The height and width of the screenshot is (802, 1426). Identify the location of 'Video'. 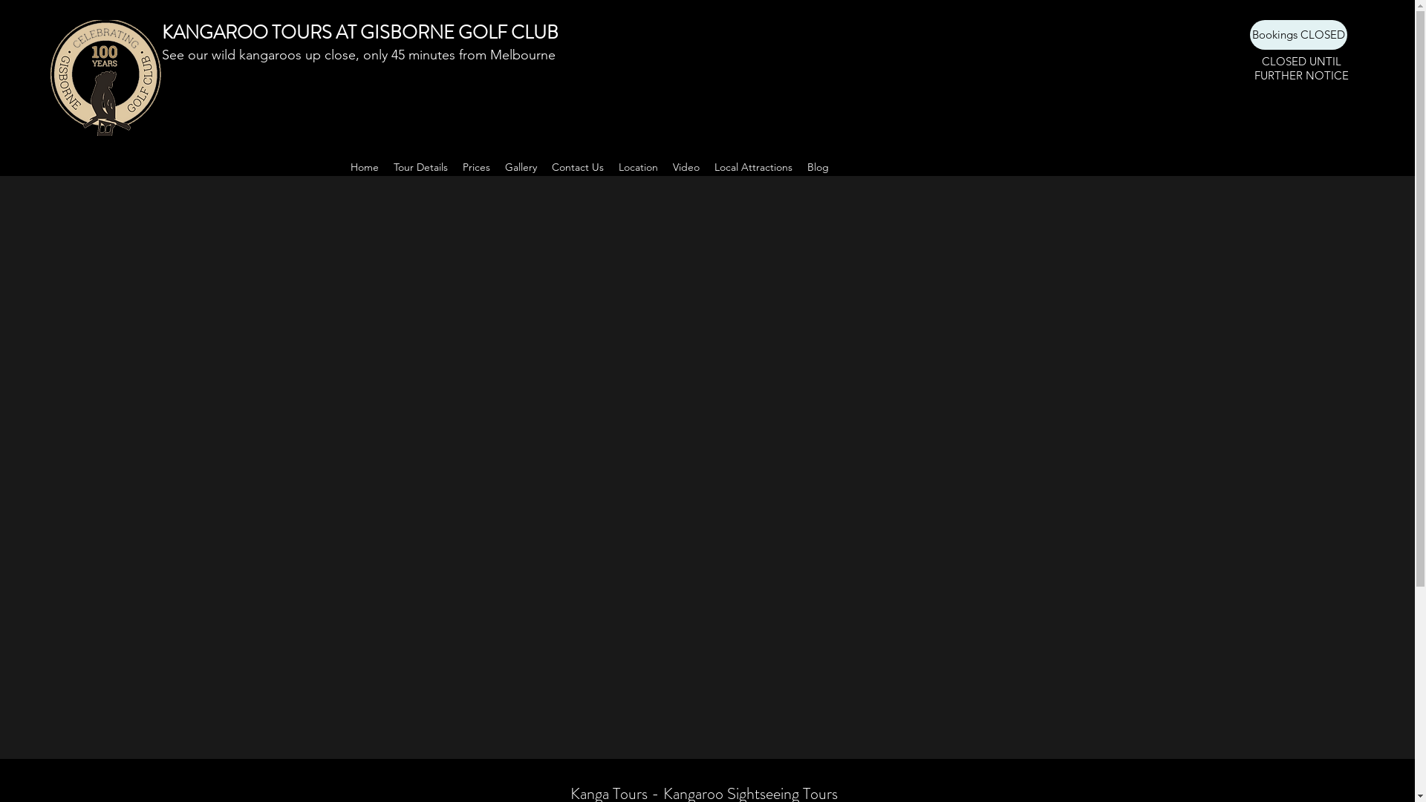
(686, 166).